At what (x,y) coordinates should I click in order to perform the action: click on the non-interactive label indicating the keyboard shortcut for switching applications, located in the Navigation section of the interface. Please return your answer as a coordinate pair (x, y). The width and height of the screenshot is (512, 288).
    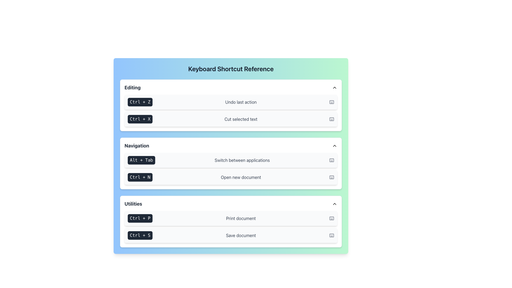
    Looking at the image, I should click on (141, 160).